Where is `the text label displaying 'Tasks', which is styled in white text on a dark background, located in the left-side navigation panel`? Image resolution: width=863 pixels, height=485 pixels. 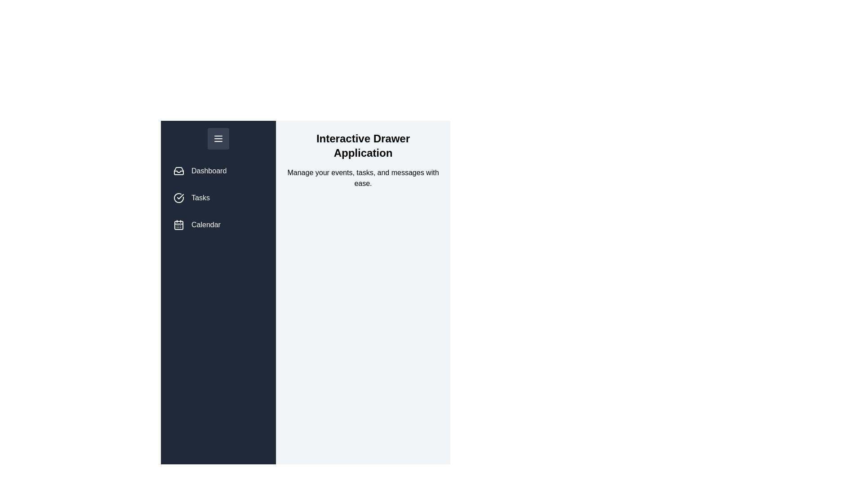 the text label displaying 'Tasks', which is styled in white text on a dark background, located in the left-side navigation panel is located at coordinates (200, 197).